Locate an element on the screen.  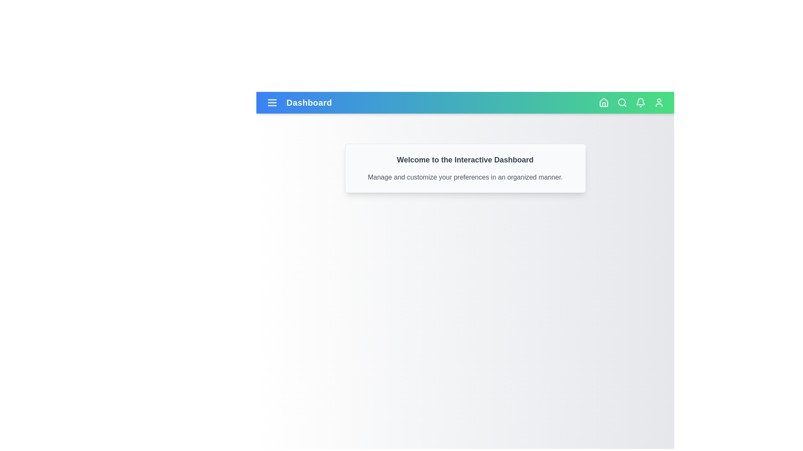
the menu icon to expand the menu is located at coordinates (272, 102).